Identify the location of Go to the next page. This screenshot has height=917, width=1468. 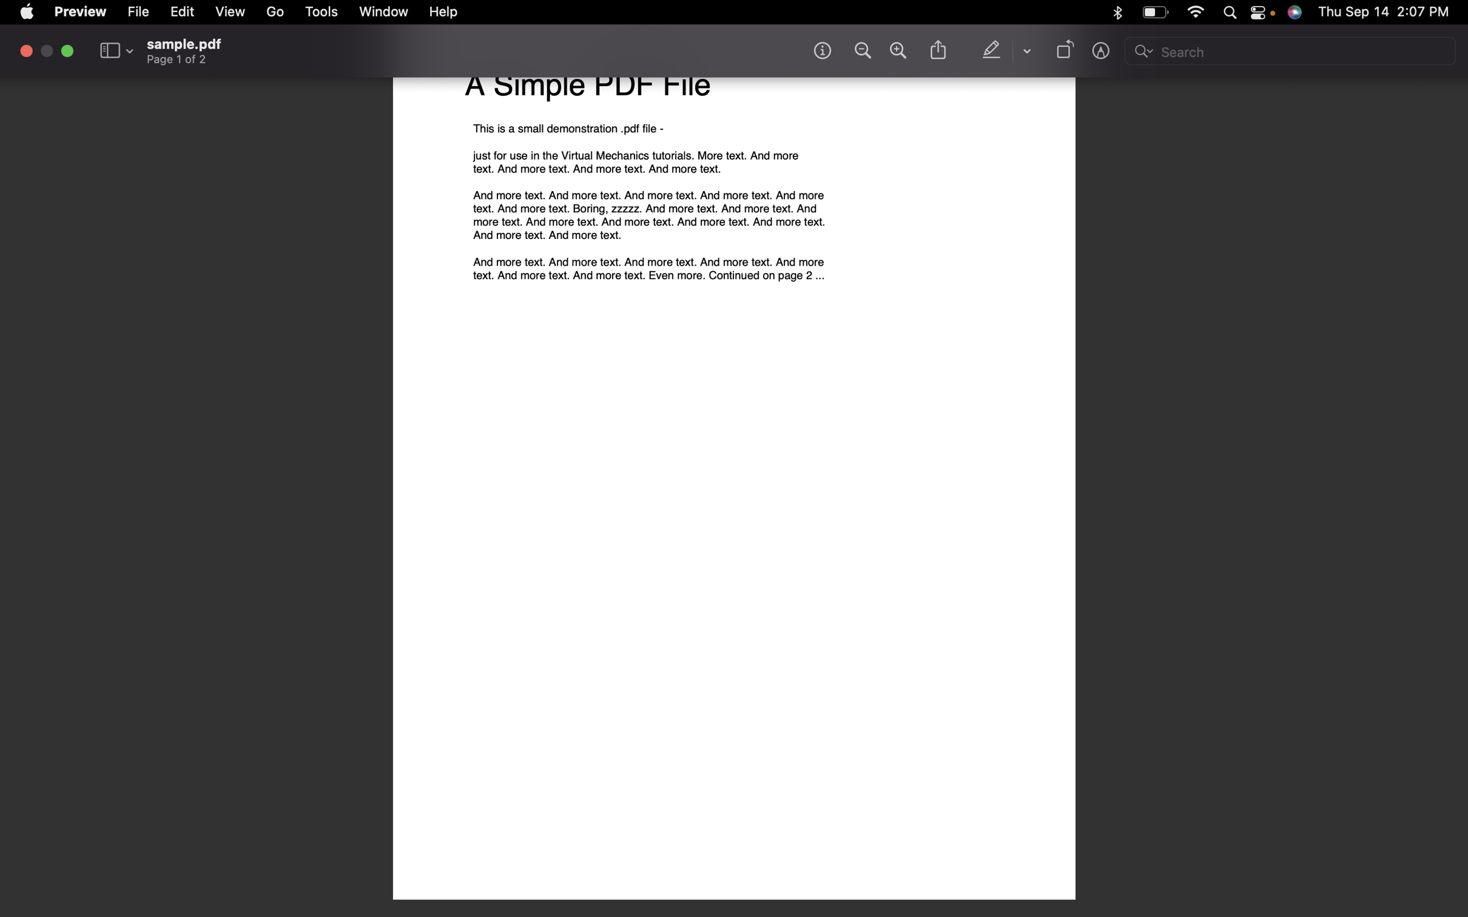
(275, 14).